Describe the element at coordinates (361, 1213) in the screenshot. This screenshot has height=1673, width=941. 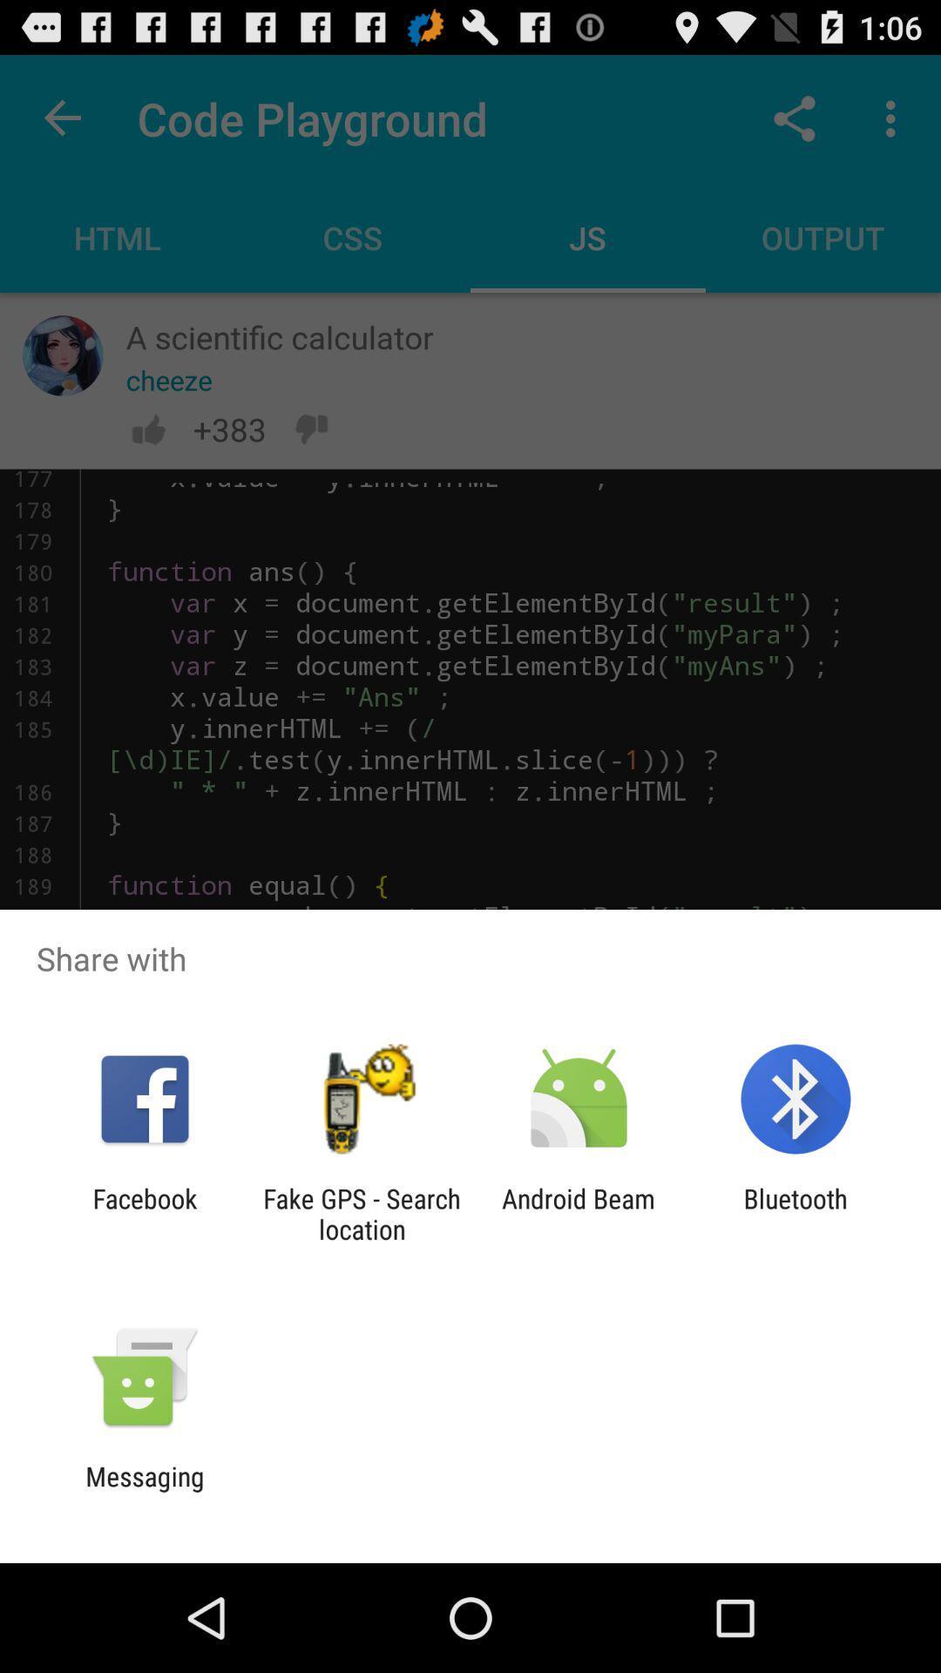
I see `icon next to android beam app` at that location.